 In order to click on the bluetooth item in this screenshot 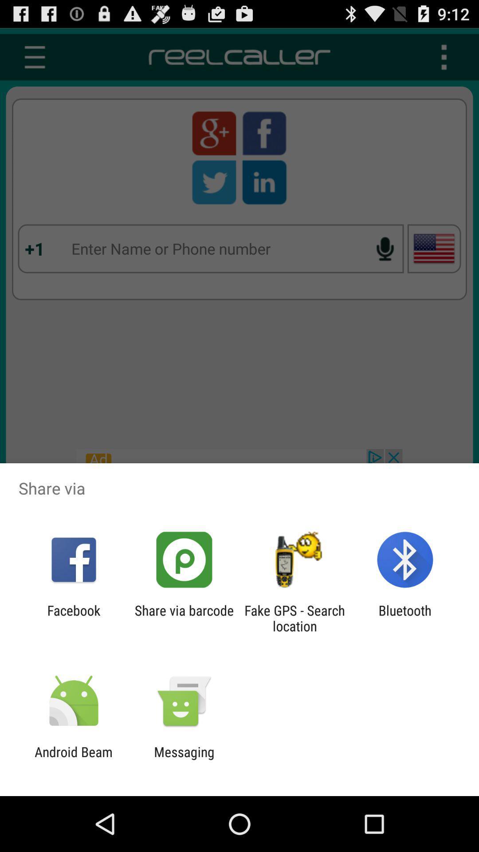, I will do `click(405, 618)`.